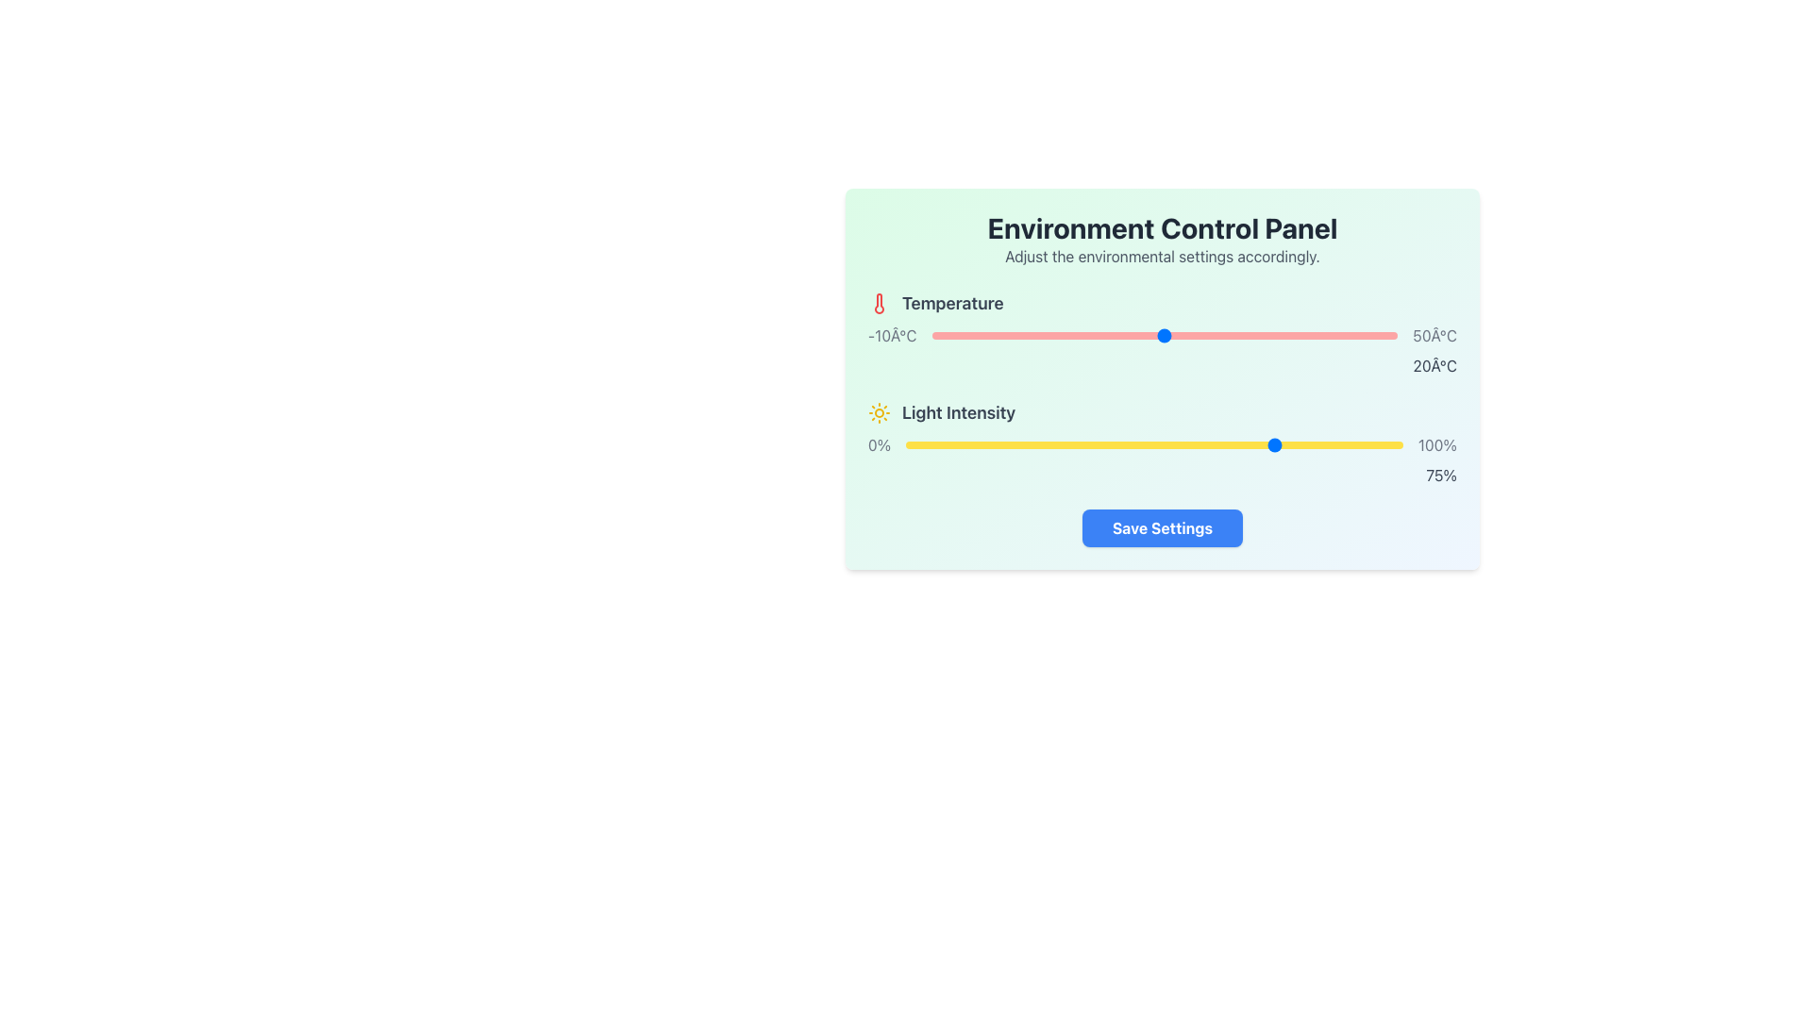  What do you see at coordinates (1084, 444) in the screenshot?
I see `the light intensity` at bounding box center [1084, 444].